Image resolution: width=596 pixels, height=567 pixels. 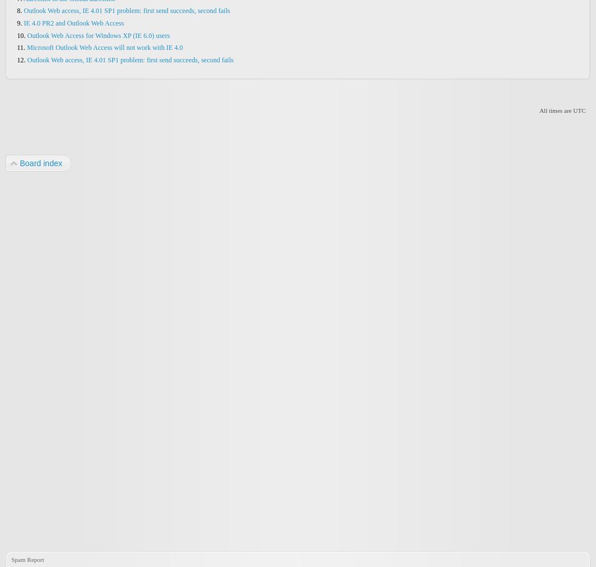 I want to click on '11.', so click(x=22, y=47).